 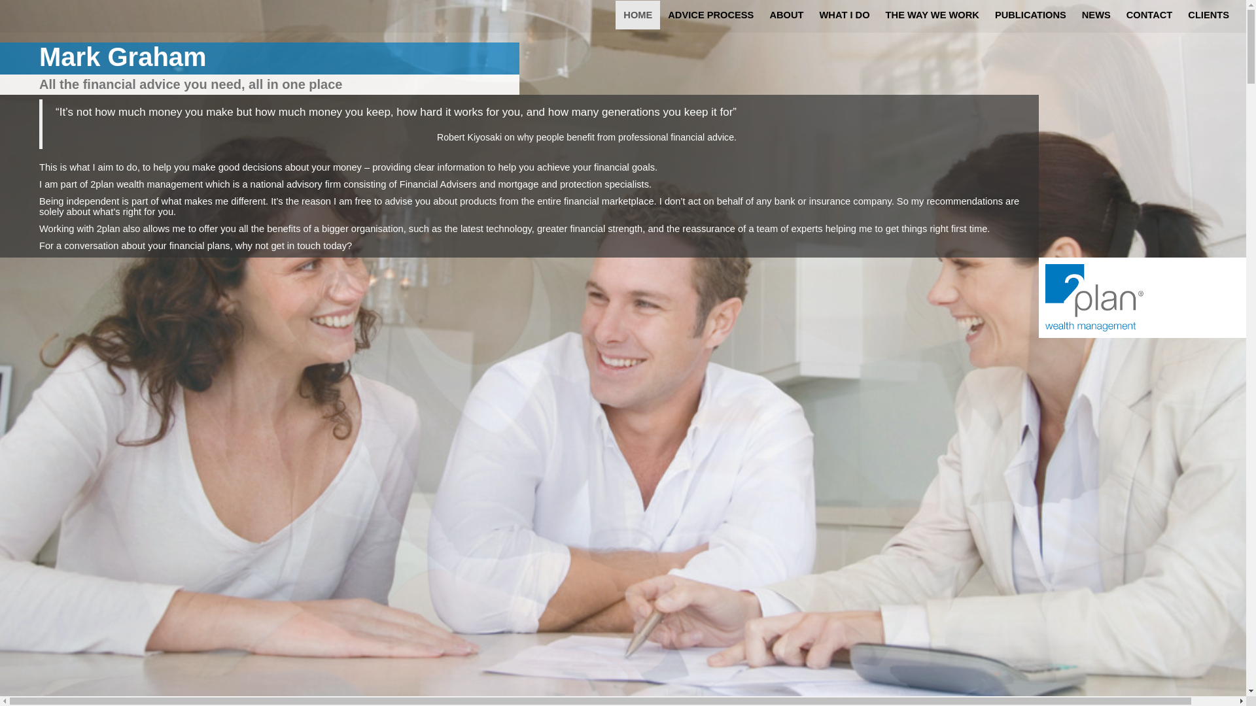 What do you see at coordinates (932, 15) in the screenshot?
I see `'THE WAY WE WORK'` at bounding box center [932, 15].